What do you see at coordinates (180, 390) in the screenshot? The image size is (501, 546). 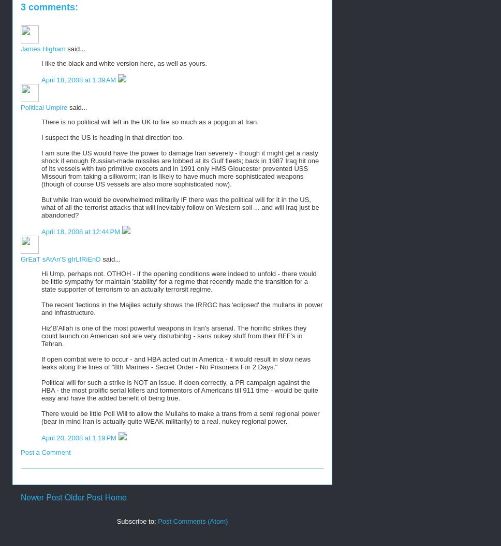 I see `'Political will for such a strike is NOT an issue. If doen correctly, a PR campaign against the HBA - the most prolific serial killers and tormentors of Americans till 911 time - would be quite easy and have the added benefit of being true.'` at bounding box center [180, 390].